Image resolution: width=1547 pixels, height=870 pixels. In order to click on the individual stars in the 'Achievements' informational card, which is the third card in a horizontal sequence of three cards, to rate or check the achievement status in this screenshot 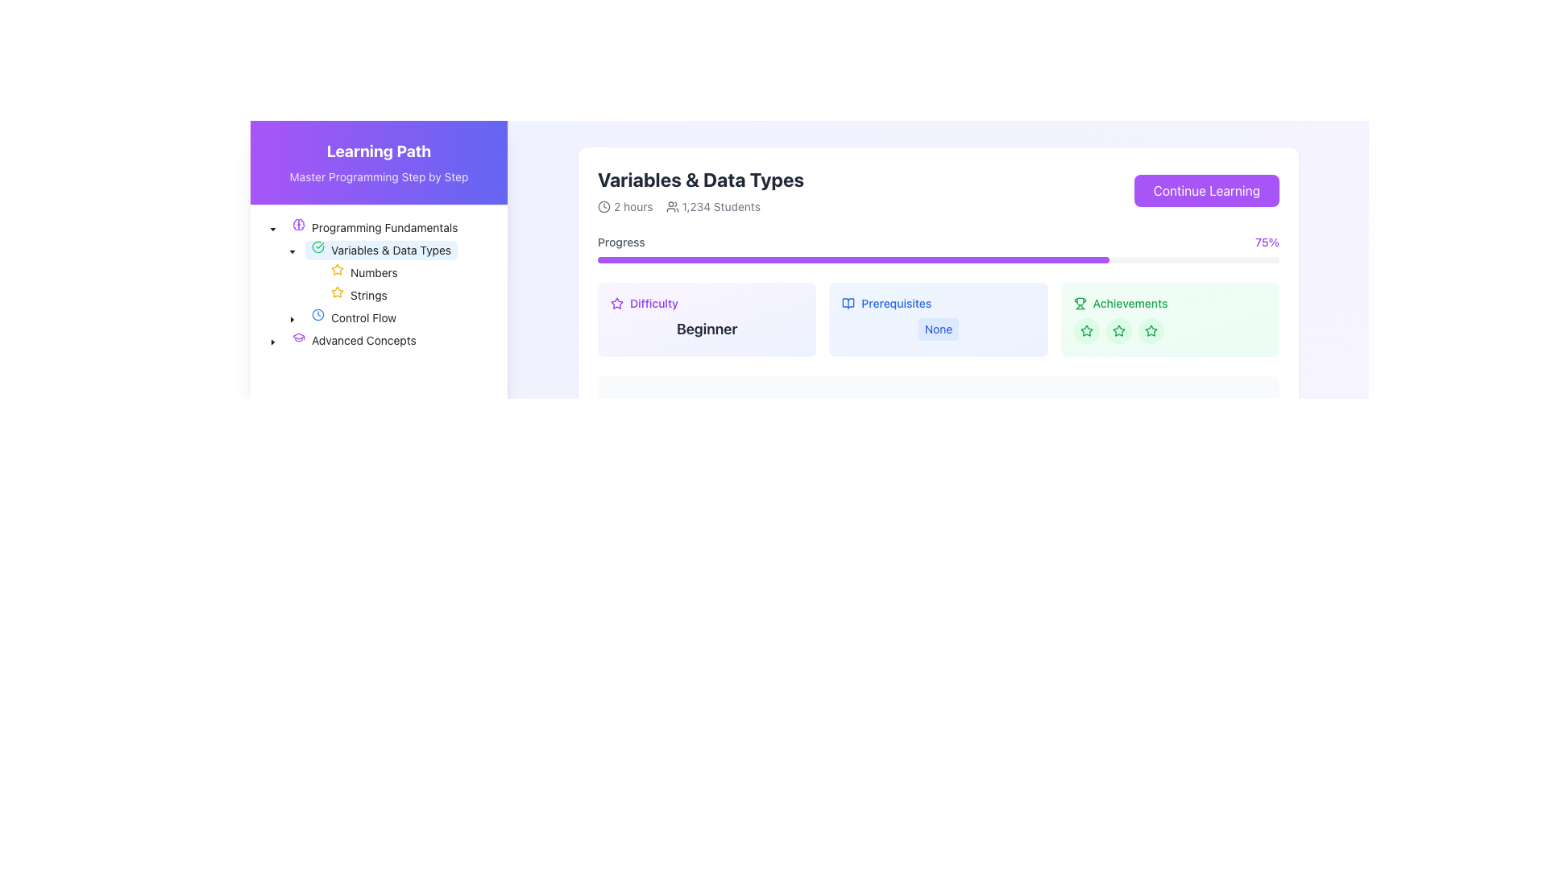, I will do `click(1170, 320)`.